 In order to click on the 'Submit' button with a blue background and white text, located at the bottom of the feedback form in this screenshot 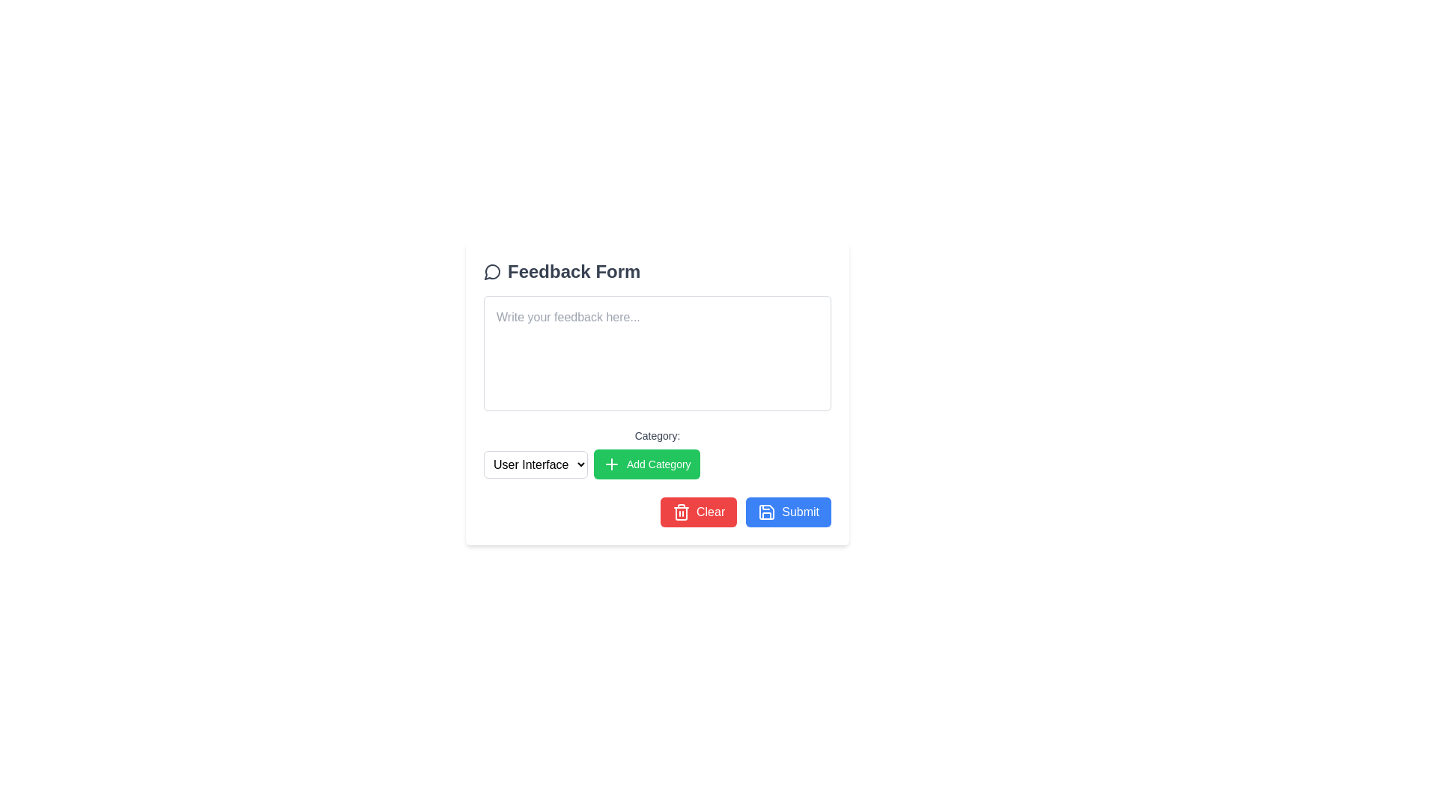, I will do `click(788, 511)`.